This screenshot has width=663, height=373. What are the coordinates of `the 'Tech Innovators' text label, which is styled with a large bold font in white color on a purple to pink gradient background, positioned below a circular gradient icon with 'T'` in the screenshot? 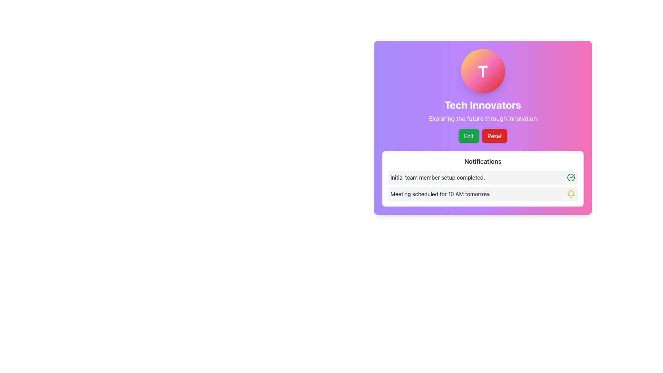 It's located at (482, 105).